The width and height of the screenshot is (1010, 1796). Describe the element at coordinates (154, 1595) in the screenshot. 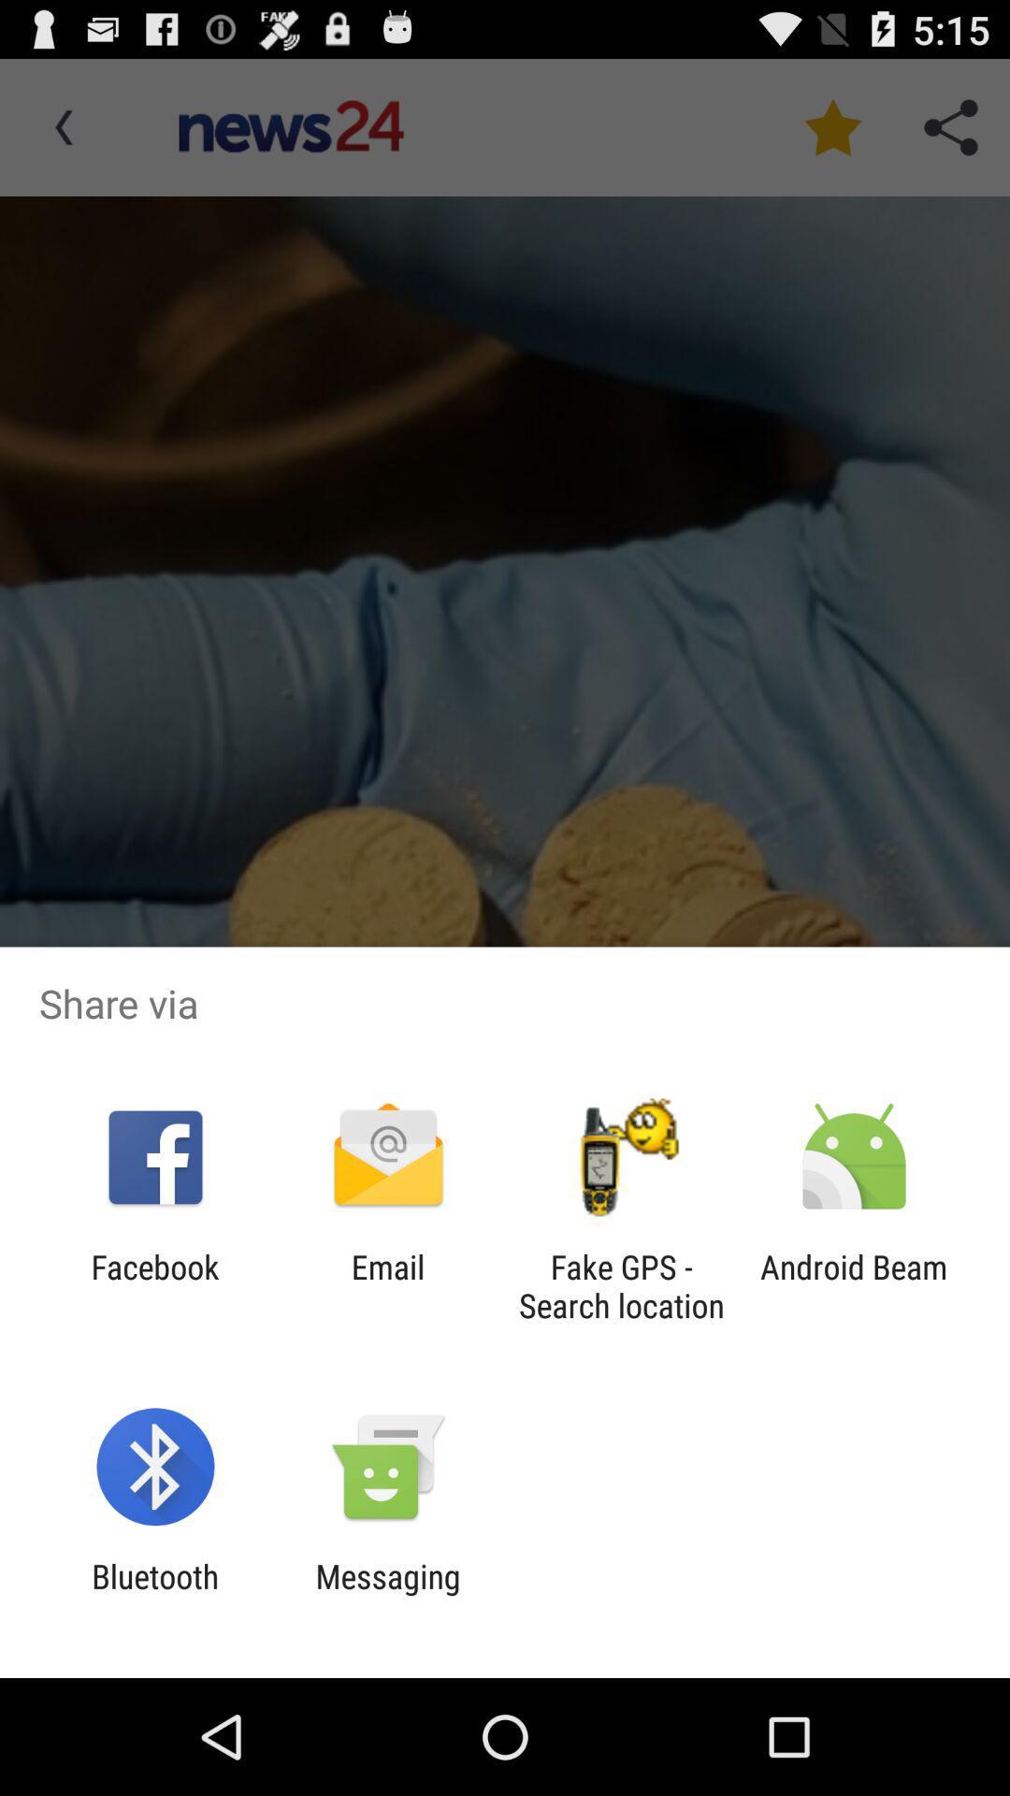

I see `bluetooth app` at that location.